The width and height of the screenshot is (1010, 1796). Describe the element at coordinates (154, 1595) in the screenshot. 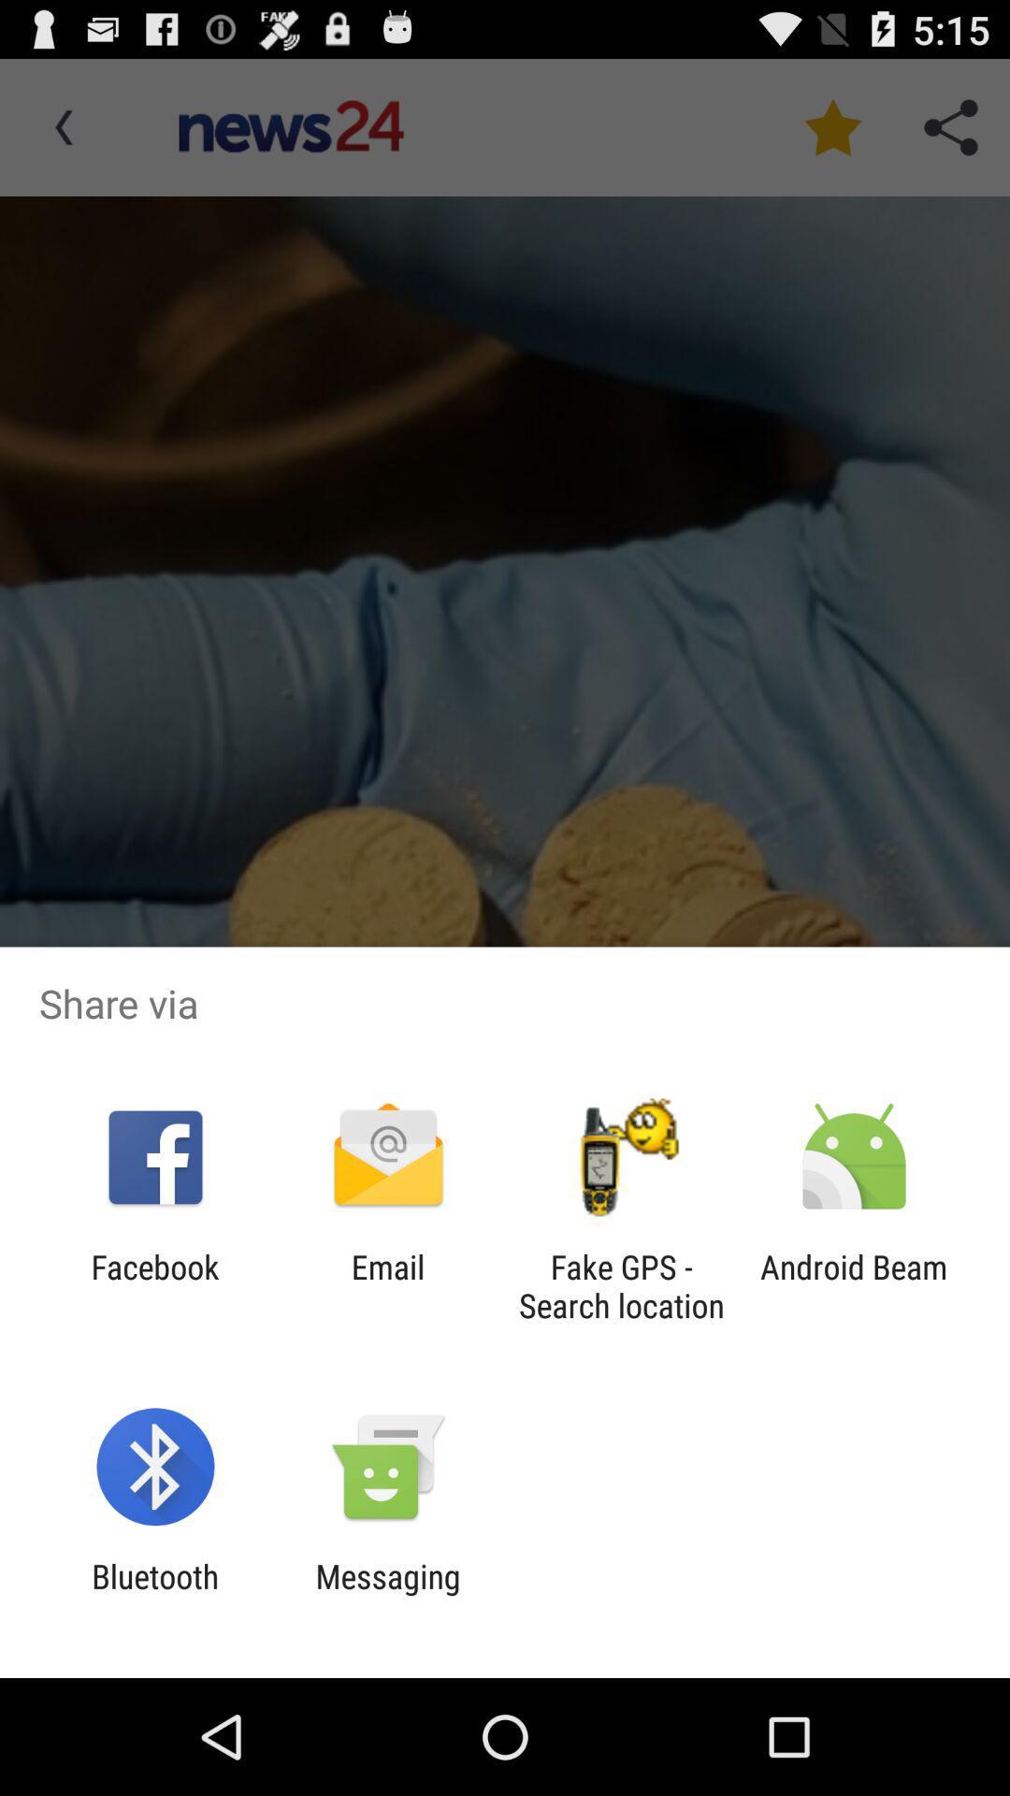

I see `bluetooth app` at that location.